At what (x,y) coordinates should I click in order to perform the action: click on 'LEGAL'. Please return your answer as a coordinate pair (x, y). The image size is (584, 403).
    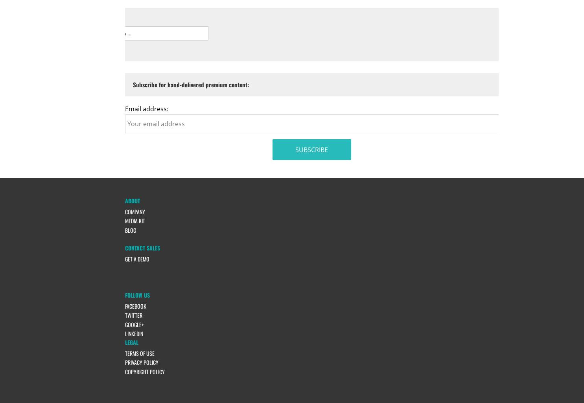
    Looking at the image, I should click on (131, 342).